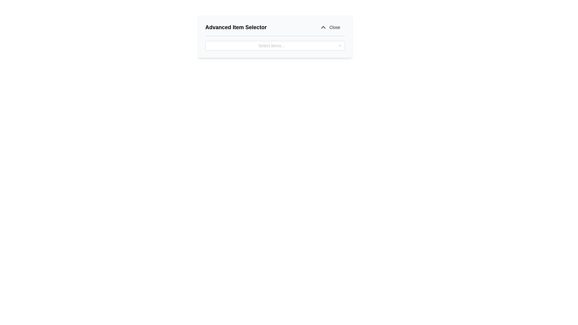  Describe the element at coordinates (275, 45) in the screenshot. I see `options from the dropdown menu located below the 'Advanced Item Selector' header, which supports multi-select and search capabilities` at that location.